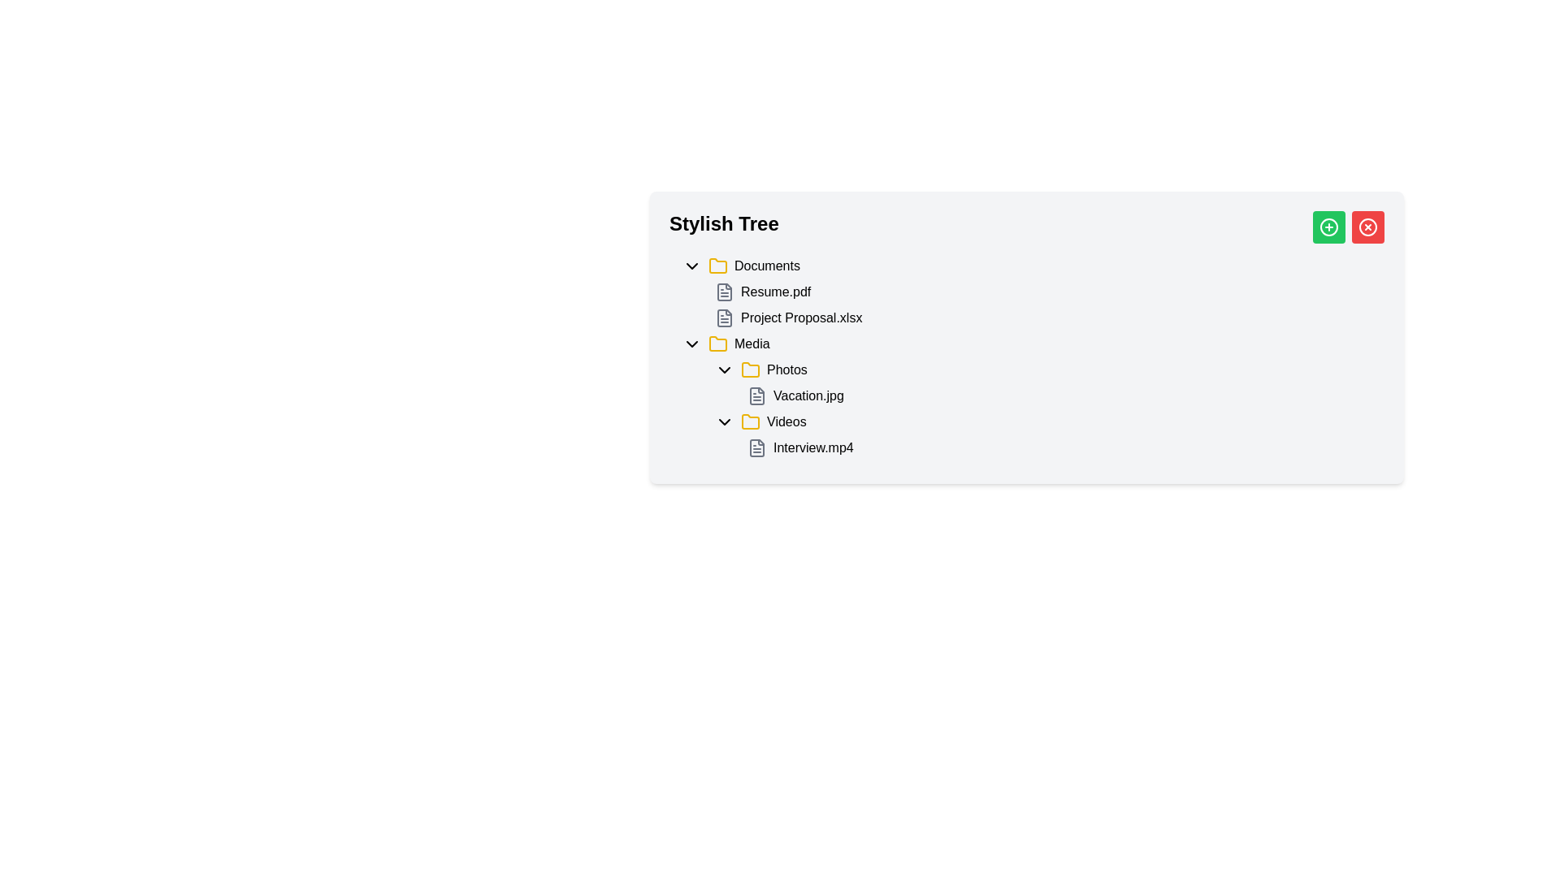 This screenshot has width=1560, height=877. What do you see at coordinates (775, 291) in the screenshot?
I see `on the text label representing the file named 'Resume.pdf' in the hierarchical navigation UI` at bounding box center [775, 291].